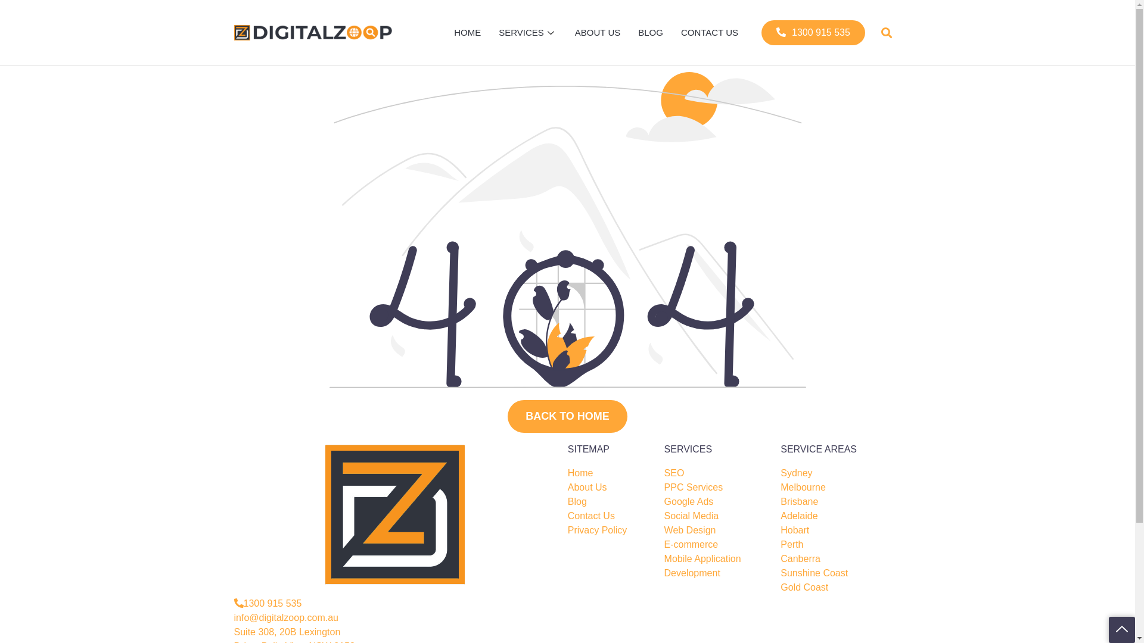  I want to click on 'PPC Services', so click(694, 487).